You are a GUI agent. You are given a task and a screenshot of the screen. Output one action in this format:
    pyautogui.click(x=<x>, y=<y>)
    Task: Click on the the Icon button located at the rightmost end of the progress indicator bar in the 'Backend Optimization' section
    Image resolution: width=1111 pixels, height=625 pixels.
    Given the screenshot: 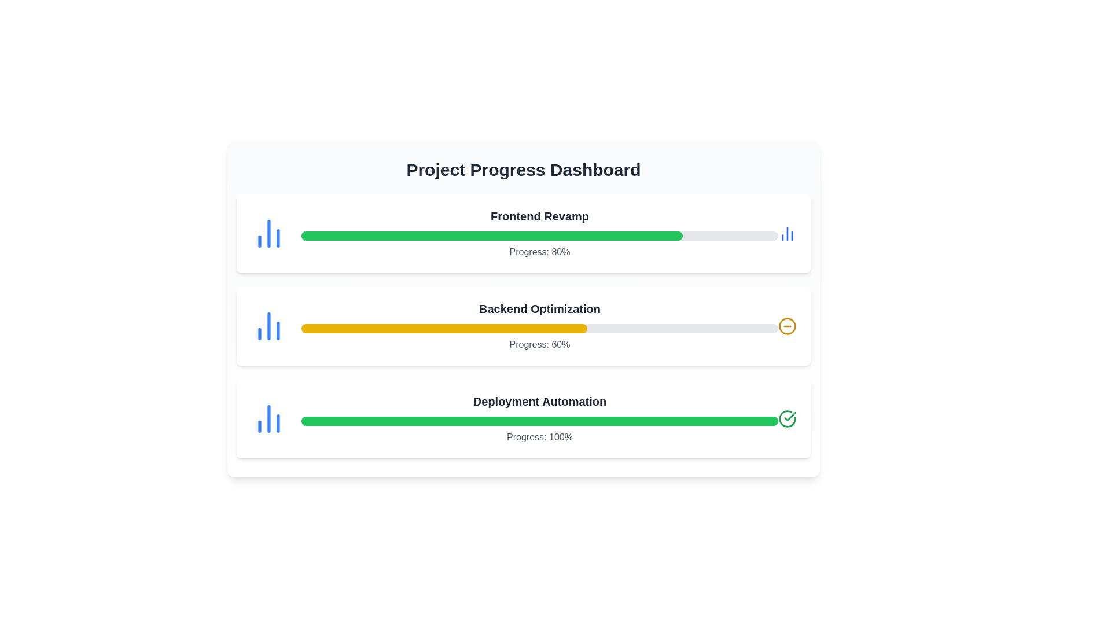 What is the action you would take?
    pyautogui.click(x=787, y=326)
    